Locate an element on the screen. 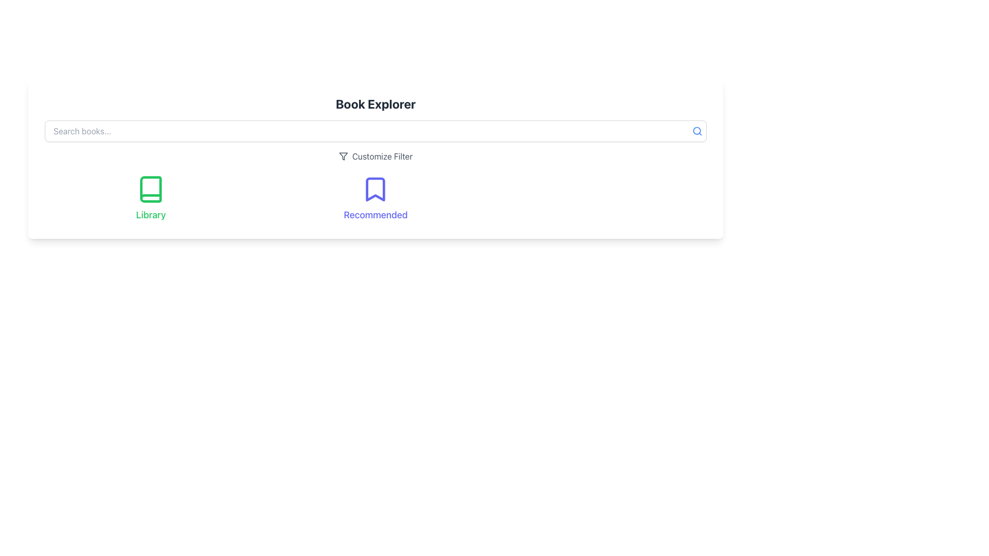  the 'Customize Filter' button, which is a funnel-shaped icon followed by the text 'Customize Filter', located below the header 'Book Explorer' is located at coordinates (375, 157).